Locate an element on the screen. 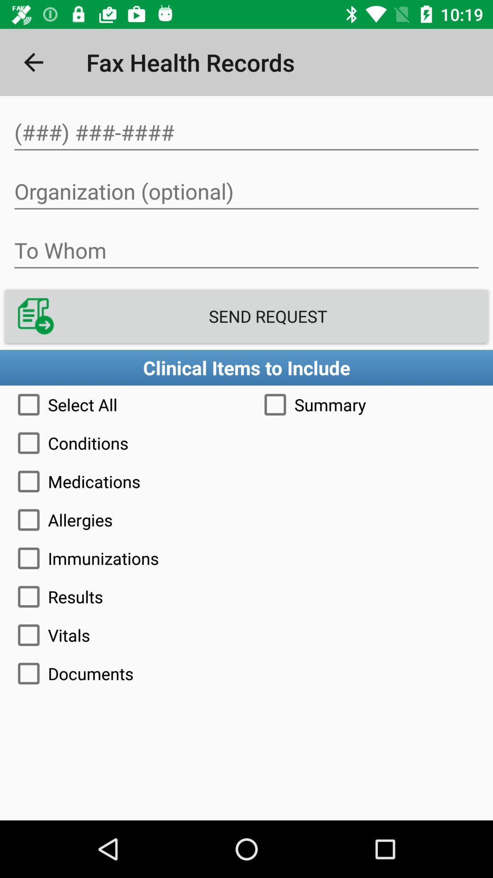  icon to the left of the summary is located at coordinates (123, 404).